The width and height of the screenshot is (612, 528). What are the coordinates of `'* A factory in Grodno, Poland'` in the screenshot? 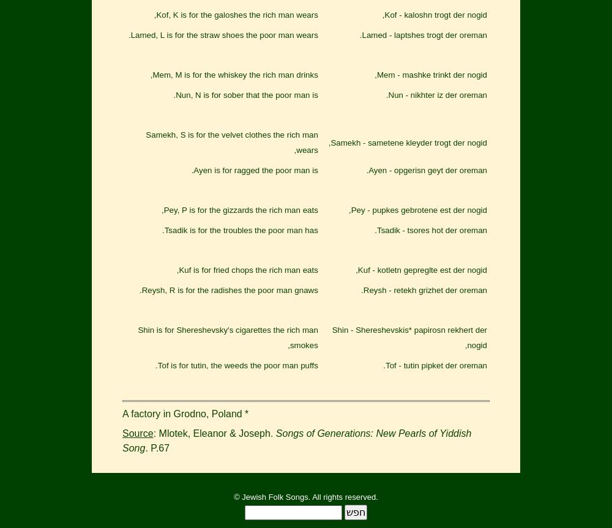 It's located at (122, 413).